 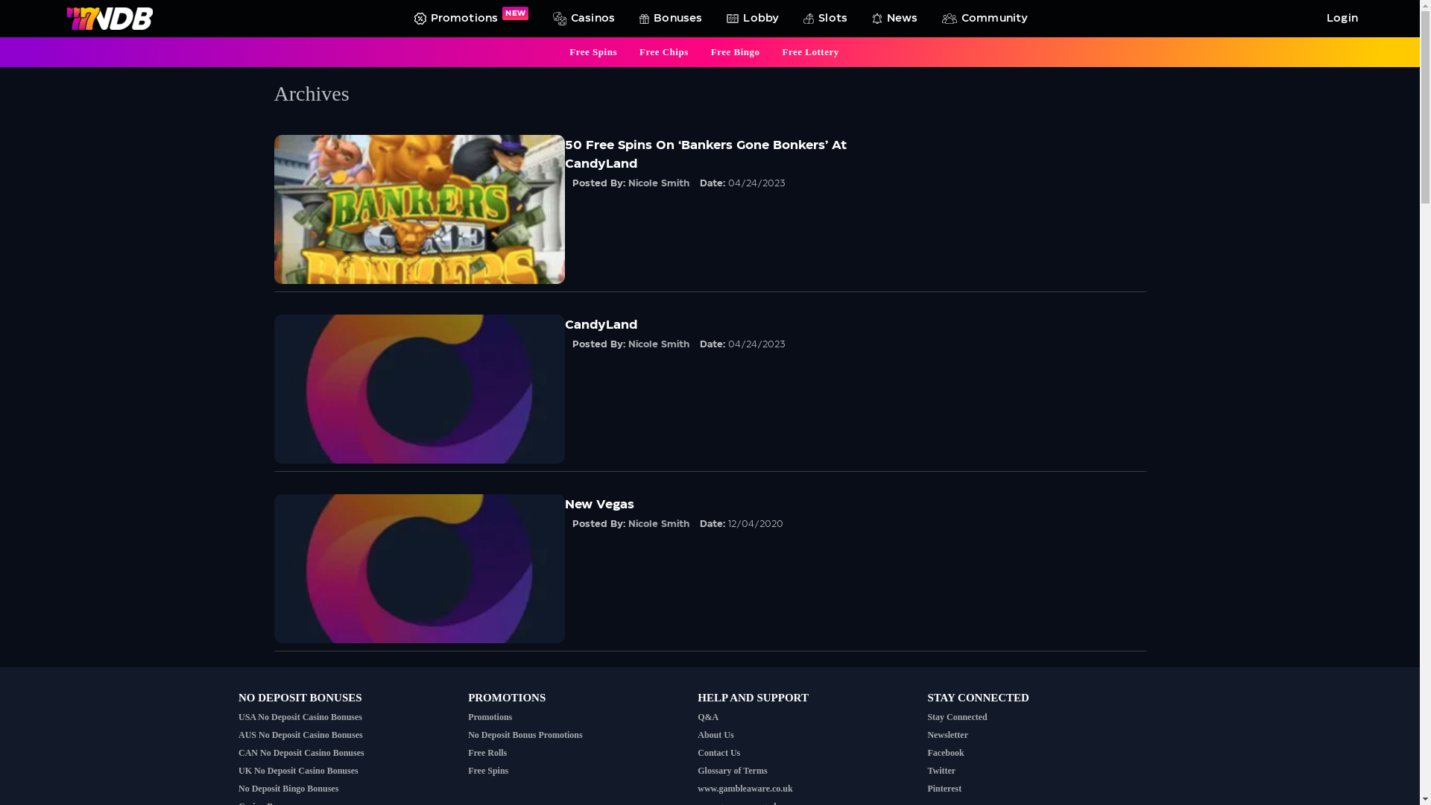 I want to click on 'Free Spins', so click(x=568, y=51).